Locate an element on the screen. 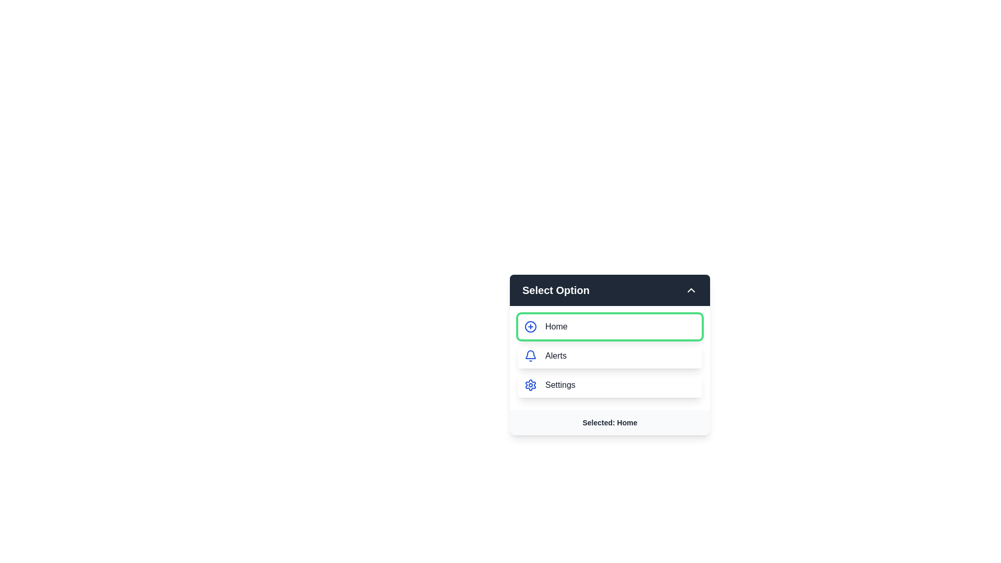 Image resolution: width=1001 pixels, height=563 pixels. the blue circular icon with a plus sign, which is part of the 'Home' menu option located to the left of the text 'Home' is located at coordinates (530, 326).